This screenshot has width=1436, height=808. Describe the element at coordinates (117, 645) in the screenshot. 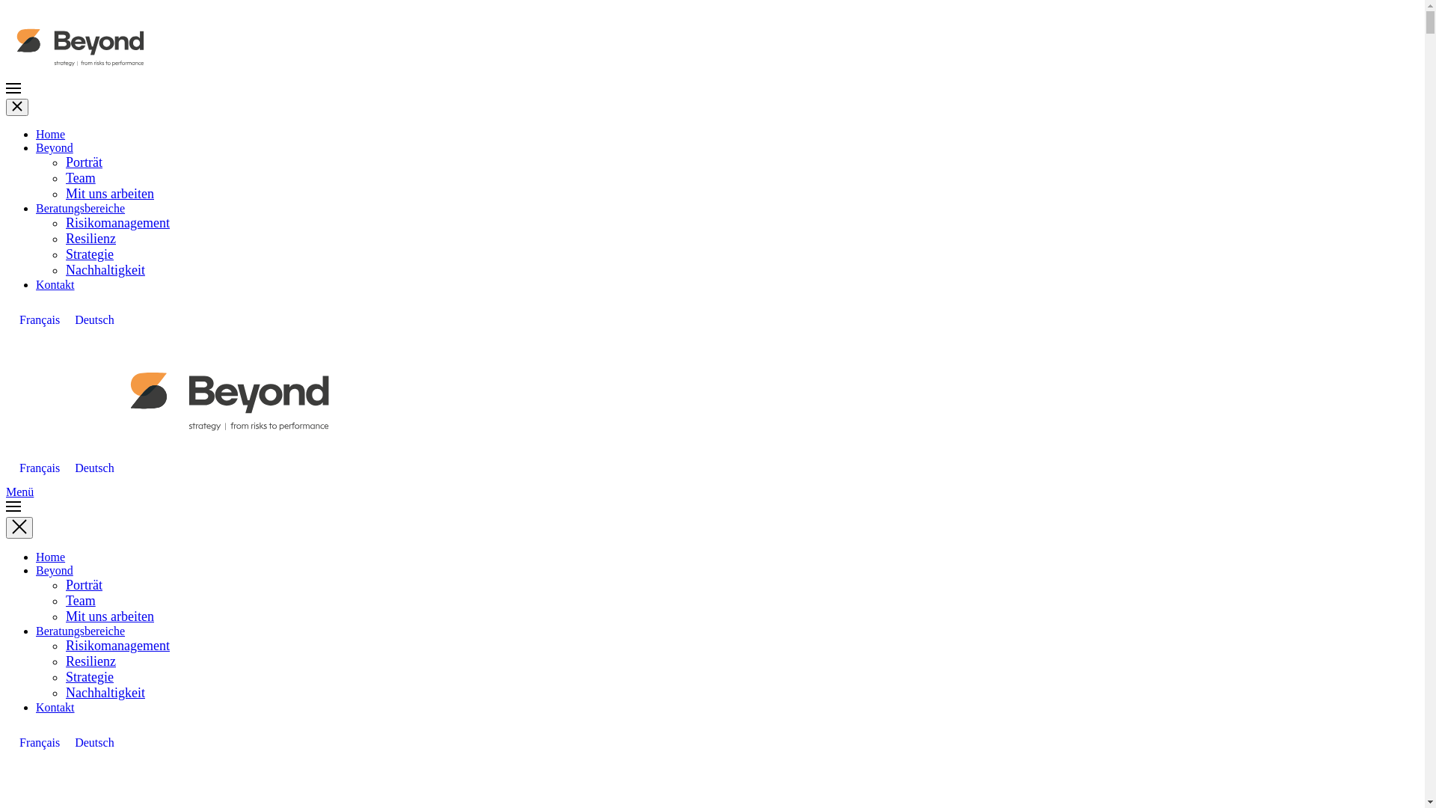

I see `'Risikomanagement'` at that location.